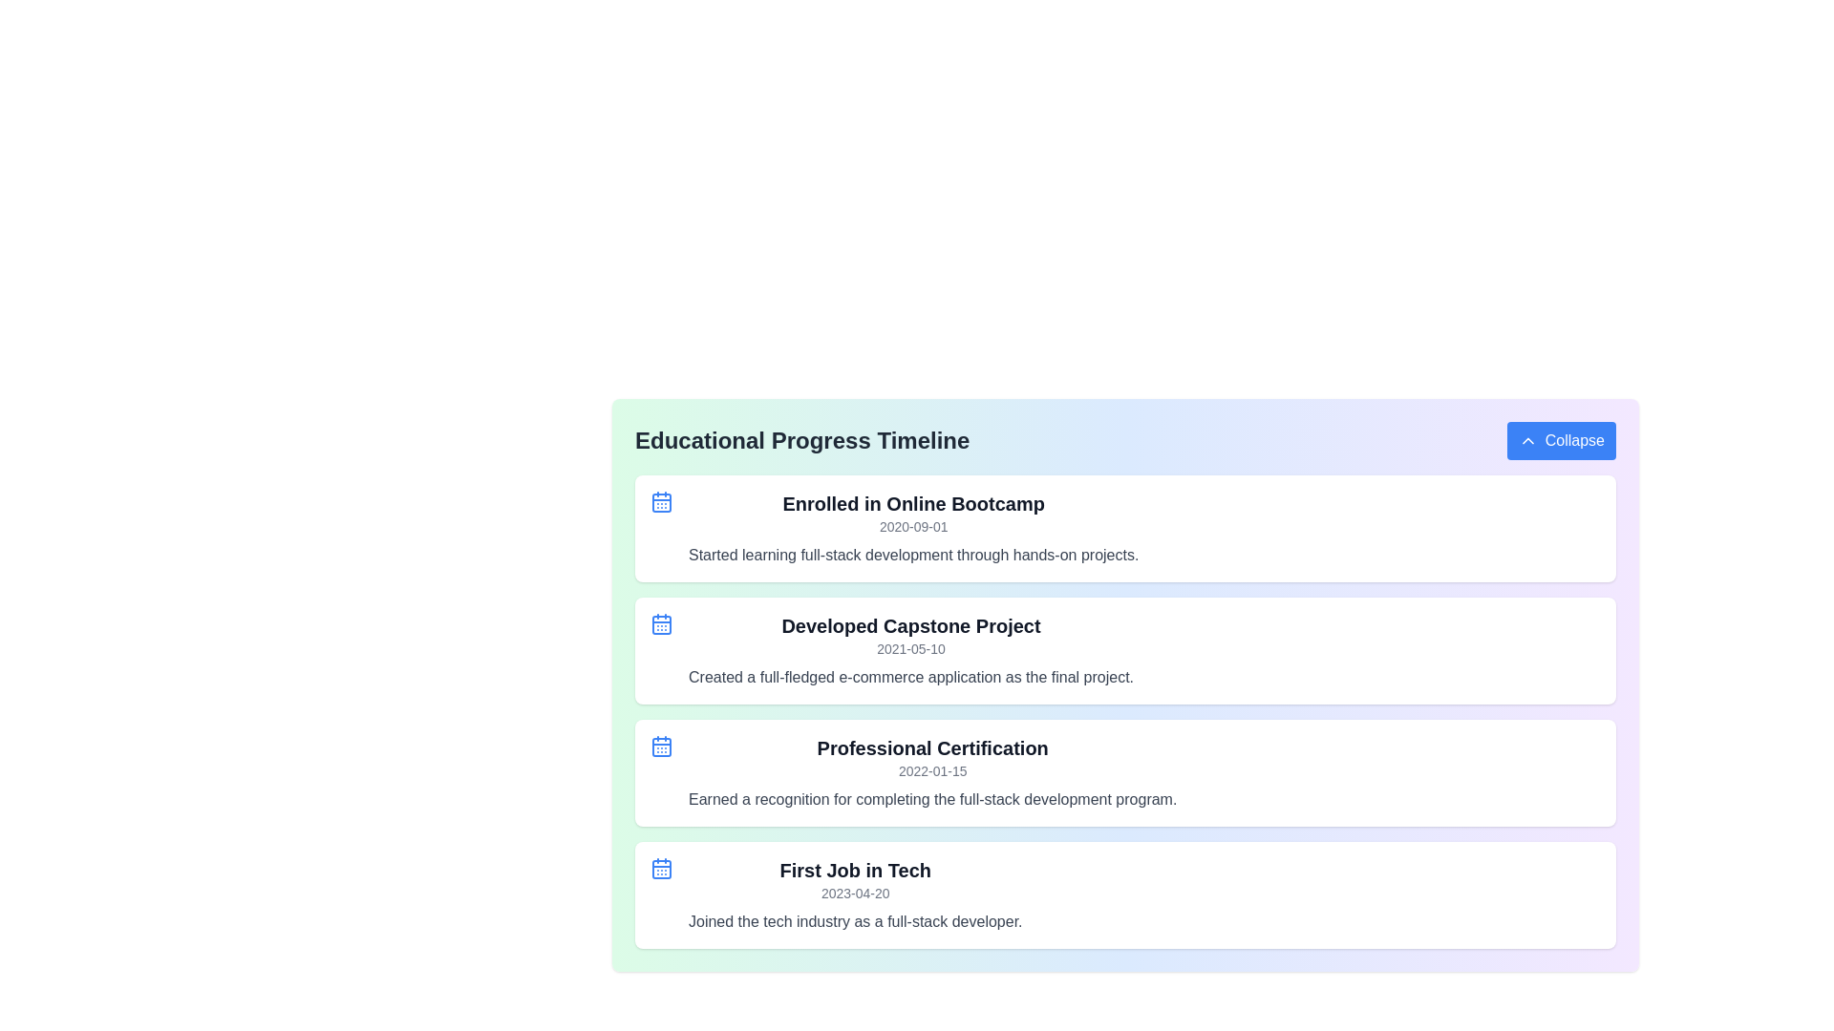 The height and width of the screenshot is (1031, 1834). Describe the element at coordinates (1125, 894) in the screenshot. I see `the informational card detailing the user's first job in the tech industry, located as the fourth item in the timeline view, to read its details` at that location.